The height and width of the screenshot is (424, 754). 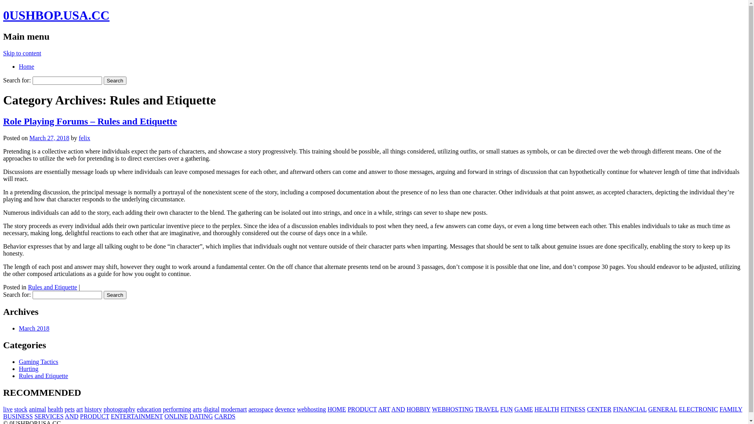 What do you see at coordinates (203, 416) in the screenshot?
I see `'I'` at bounding box center [203, 416].